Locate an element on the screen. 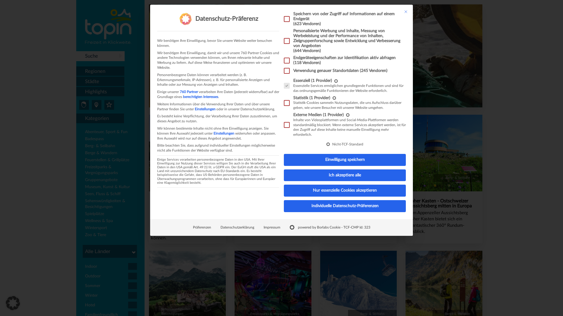 The width and height of the screenshot is (563, 316). 'Seen, Fluss & Schiff' is located at coordinates (112, 194).